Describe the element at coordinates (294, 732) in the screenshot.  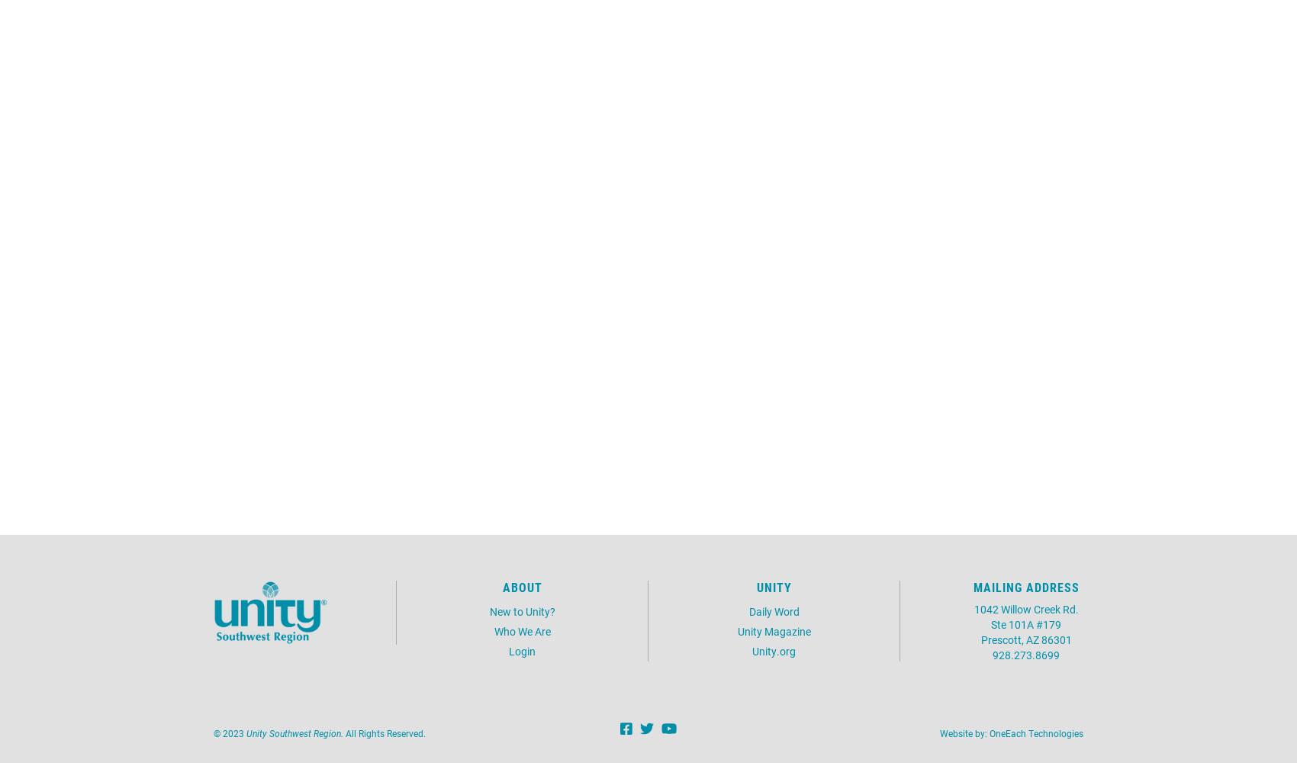
I see `'Unity Southwest Region.'` at that location.